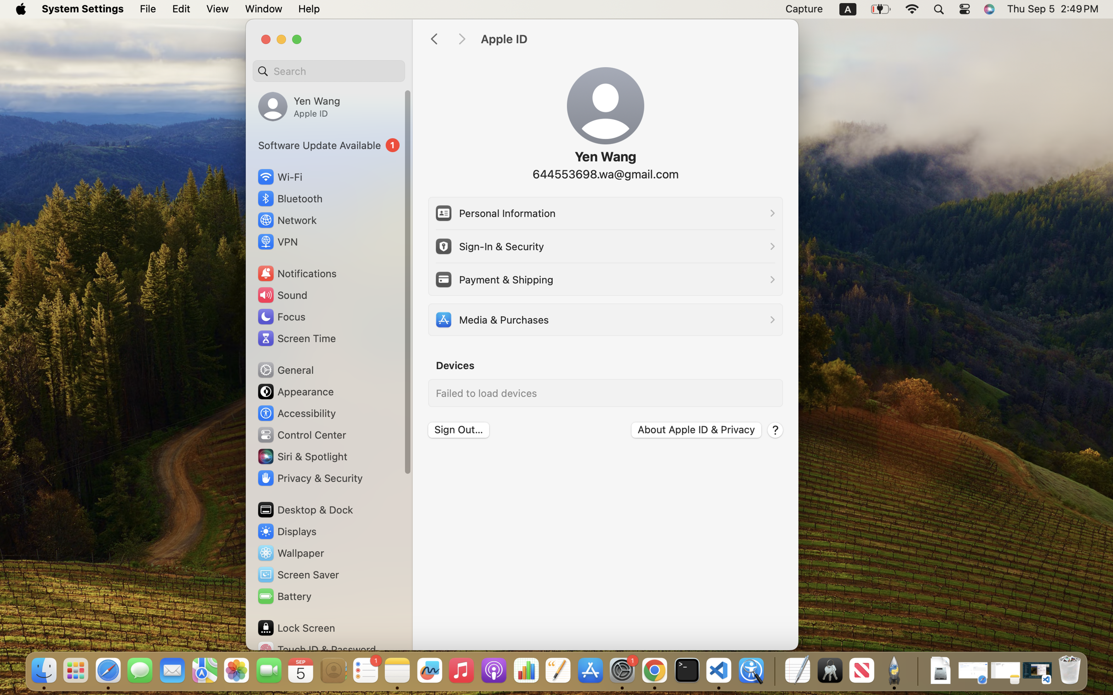 This screenshot has width=1113, height=695. I want to click on 'Control Center', so click(301, 435).